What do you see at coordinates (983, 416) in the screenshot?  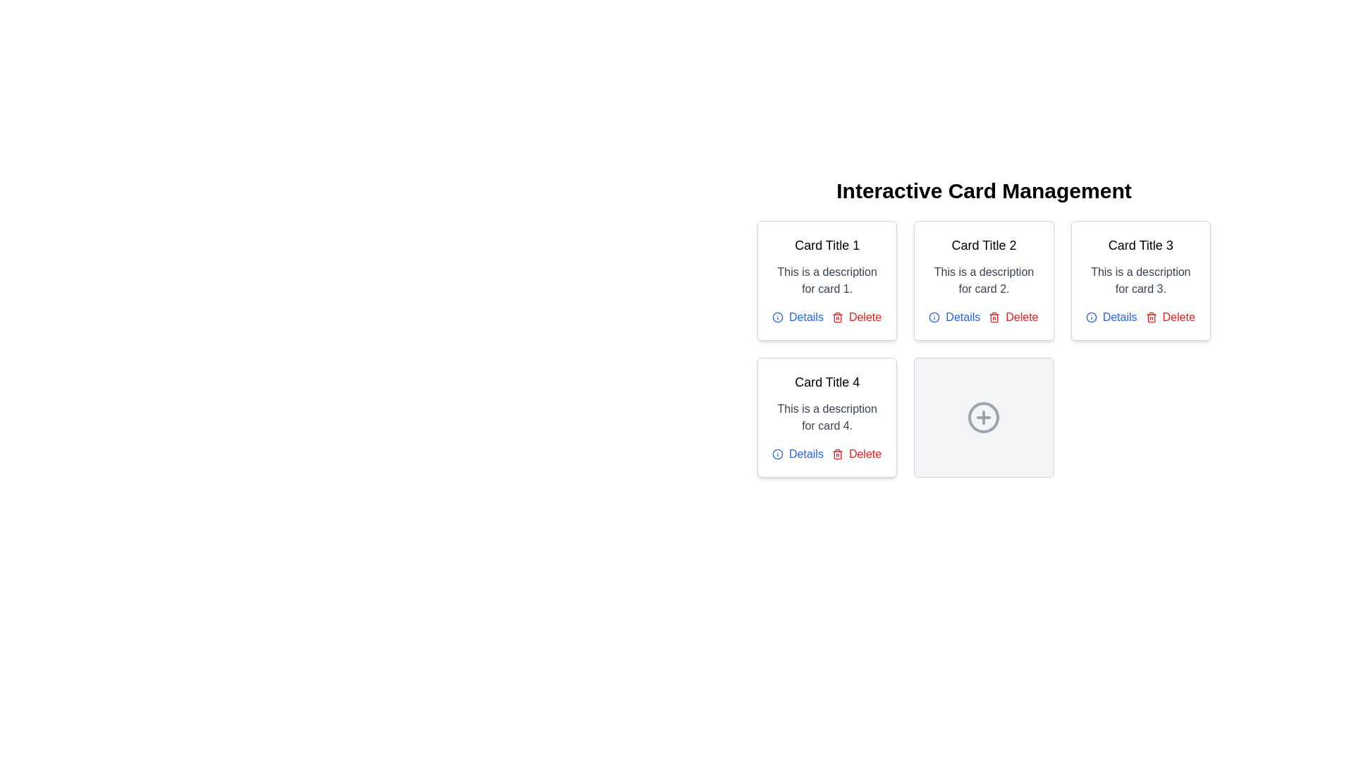 I see `the interactive button used to add or create a new item or card, located in the second row and second column of the grid layout` at bounding box center [983, 416].